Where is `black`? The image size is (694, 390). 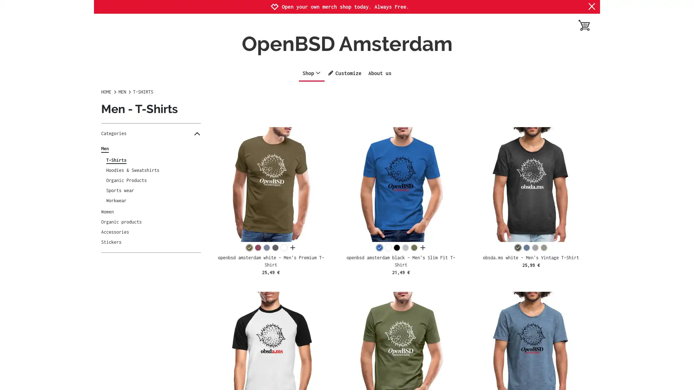
black is located at coordinates (396, 247).